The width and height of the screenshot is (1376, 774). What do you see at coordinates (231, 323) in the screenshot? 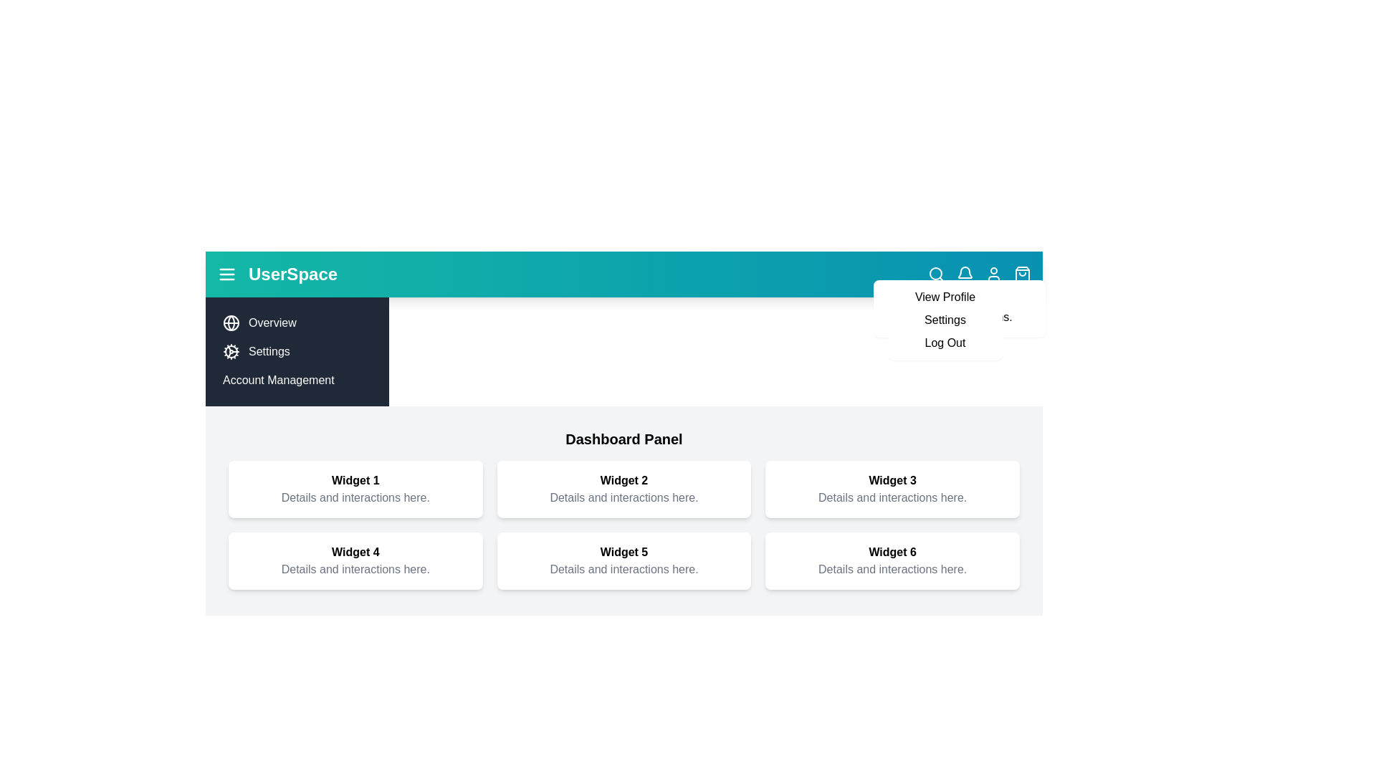
I see `the globe icon in the left sidebar navigation menu, which represents the 'Overview' section of the application` at bounding box center [231, 323].